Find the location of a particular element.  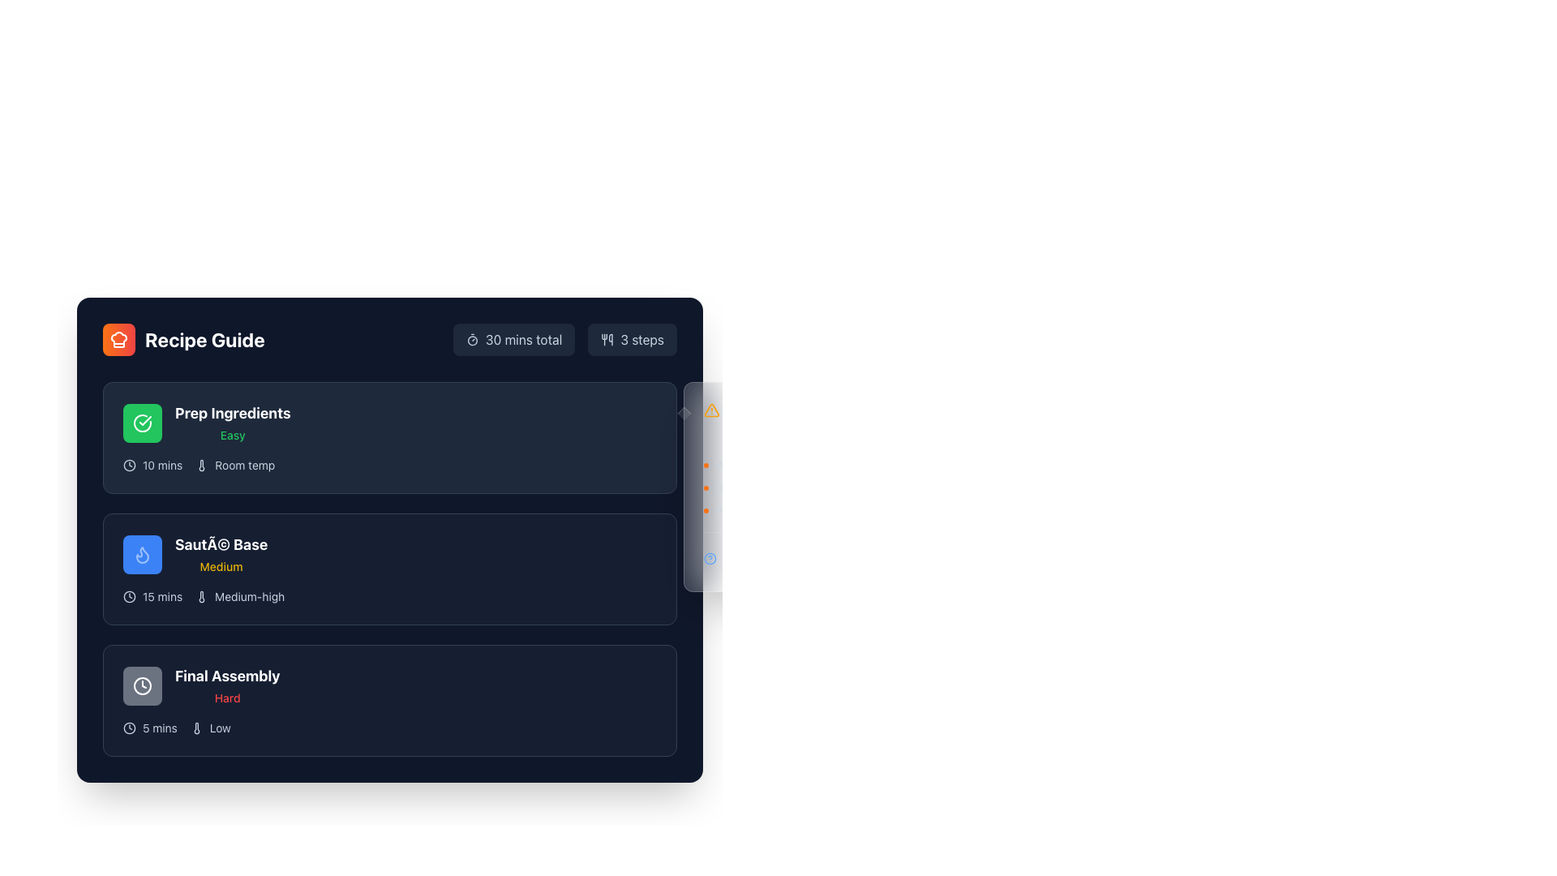

the SVG clock icon located at the bottom-left corner of the 'Final Assembly' section, next to the text '5 mins' is located at coordinates (128, 728).